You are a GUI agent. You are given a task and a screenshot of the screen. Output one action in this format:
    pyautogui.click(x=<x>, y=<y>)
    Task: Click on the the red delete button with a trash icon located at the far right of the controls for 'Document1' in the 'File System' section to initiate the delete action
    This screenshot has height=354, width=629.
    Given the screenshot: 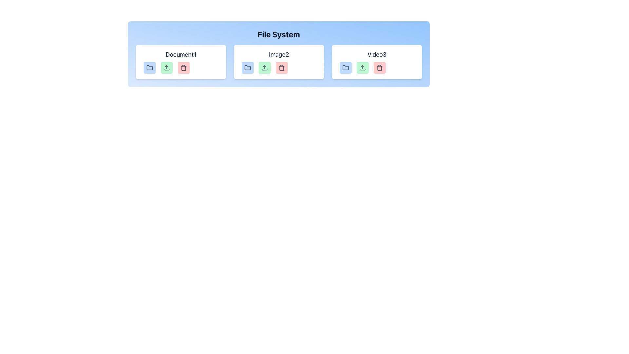 What is the action you would take?
    pyautogui.click(x=183, y=68)
    